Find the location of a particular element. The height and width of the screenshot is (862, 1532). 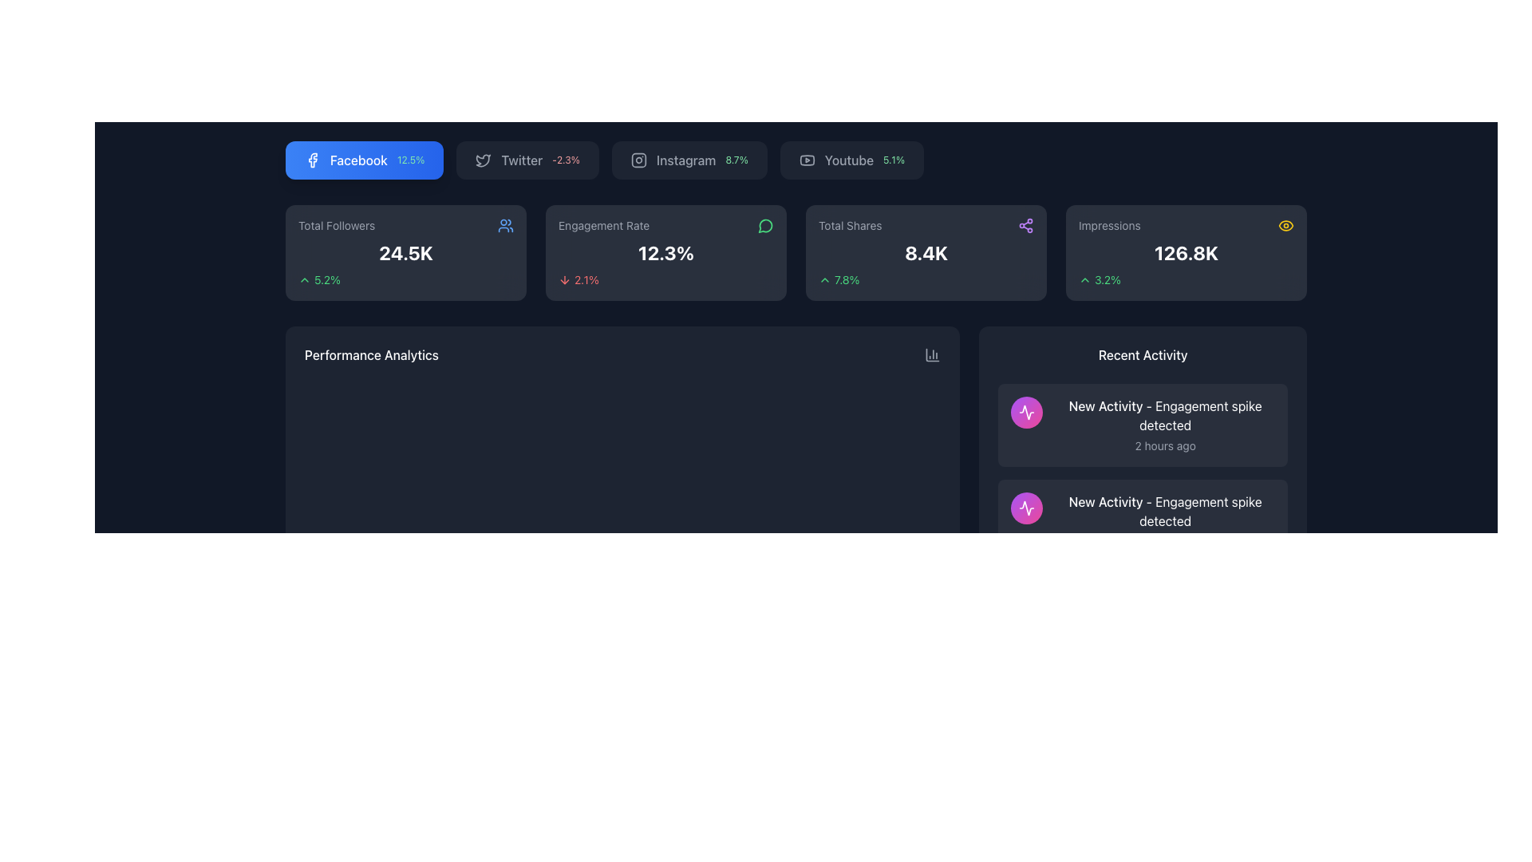

the text label that displays 'Recent Activity', which is styled in white font and is positioned above a series of activity items is located at coordinates (1142, 354).